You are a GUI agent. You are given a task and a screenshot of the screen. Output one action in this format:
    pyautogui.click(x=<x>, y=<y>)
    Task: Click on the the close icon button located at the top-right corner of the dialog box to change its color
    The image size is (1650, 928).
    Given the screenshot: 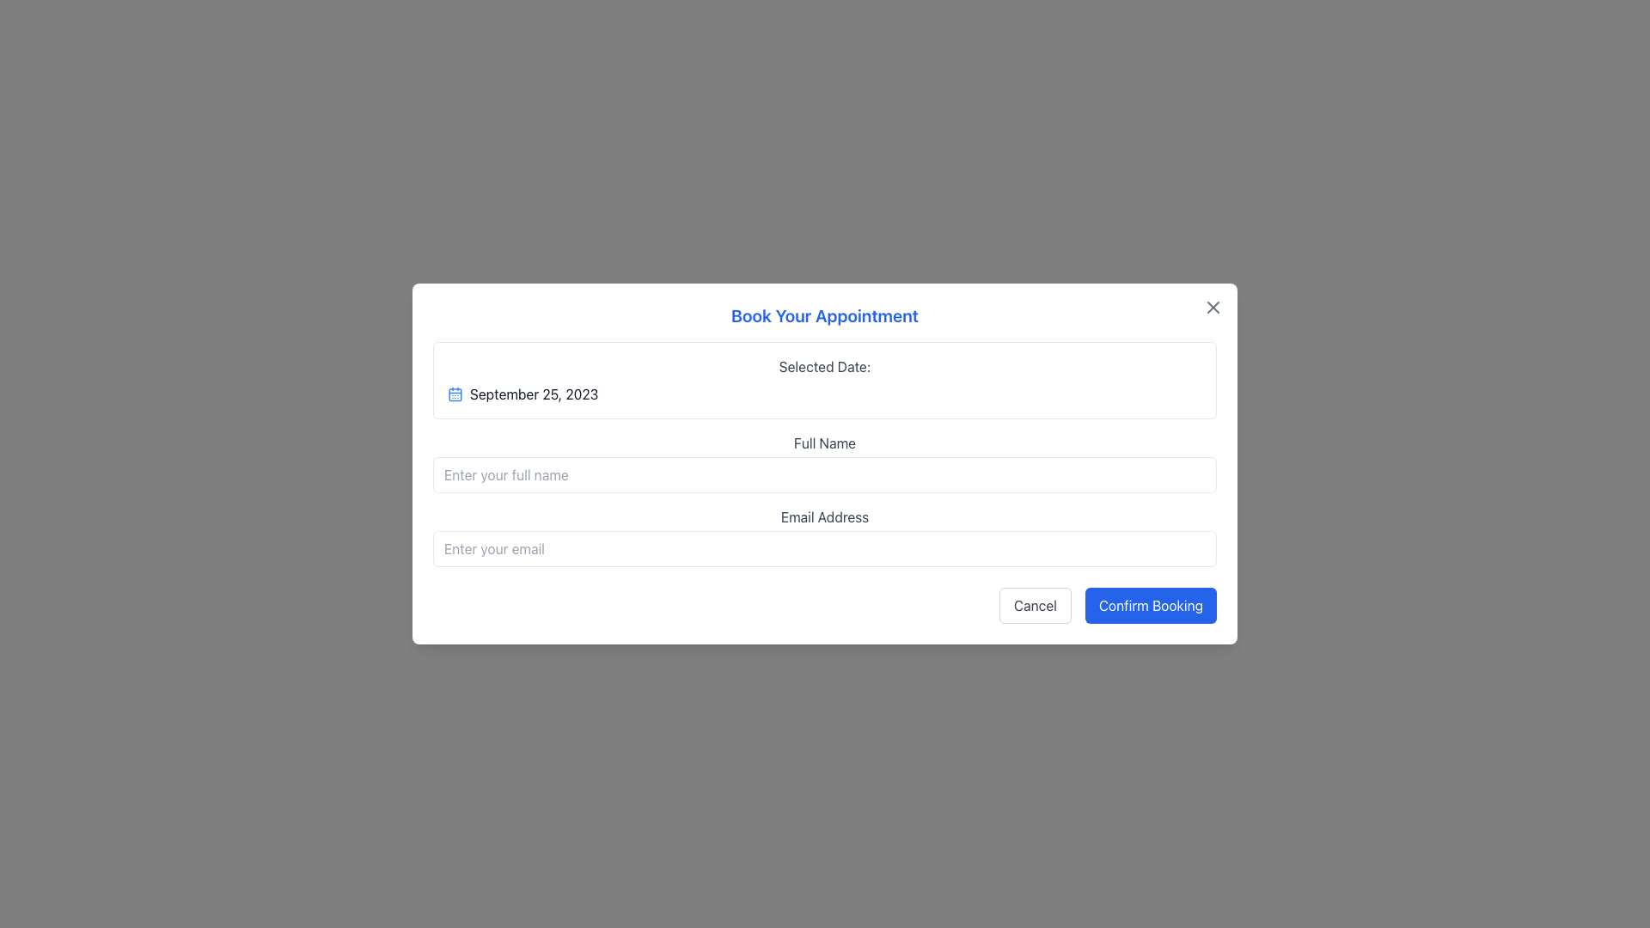 What is the action you would take?
    pyautogui.click(x=1212, y=307)
    